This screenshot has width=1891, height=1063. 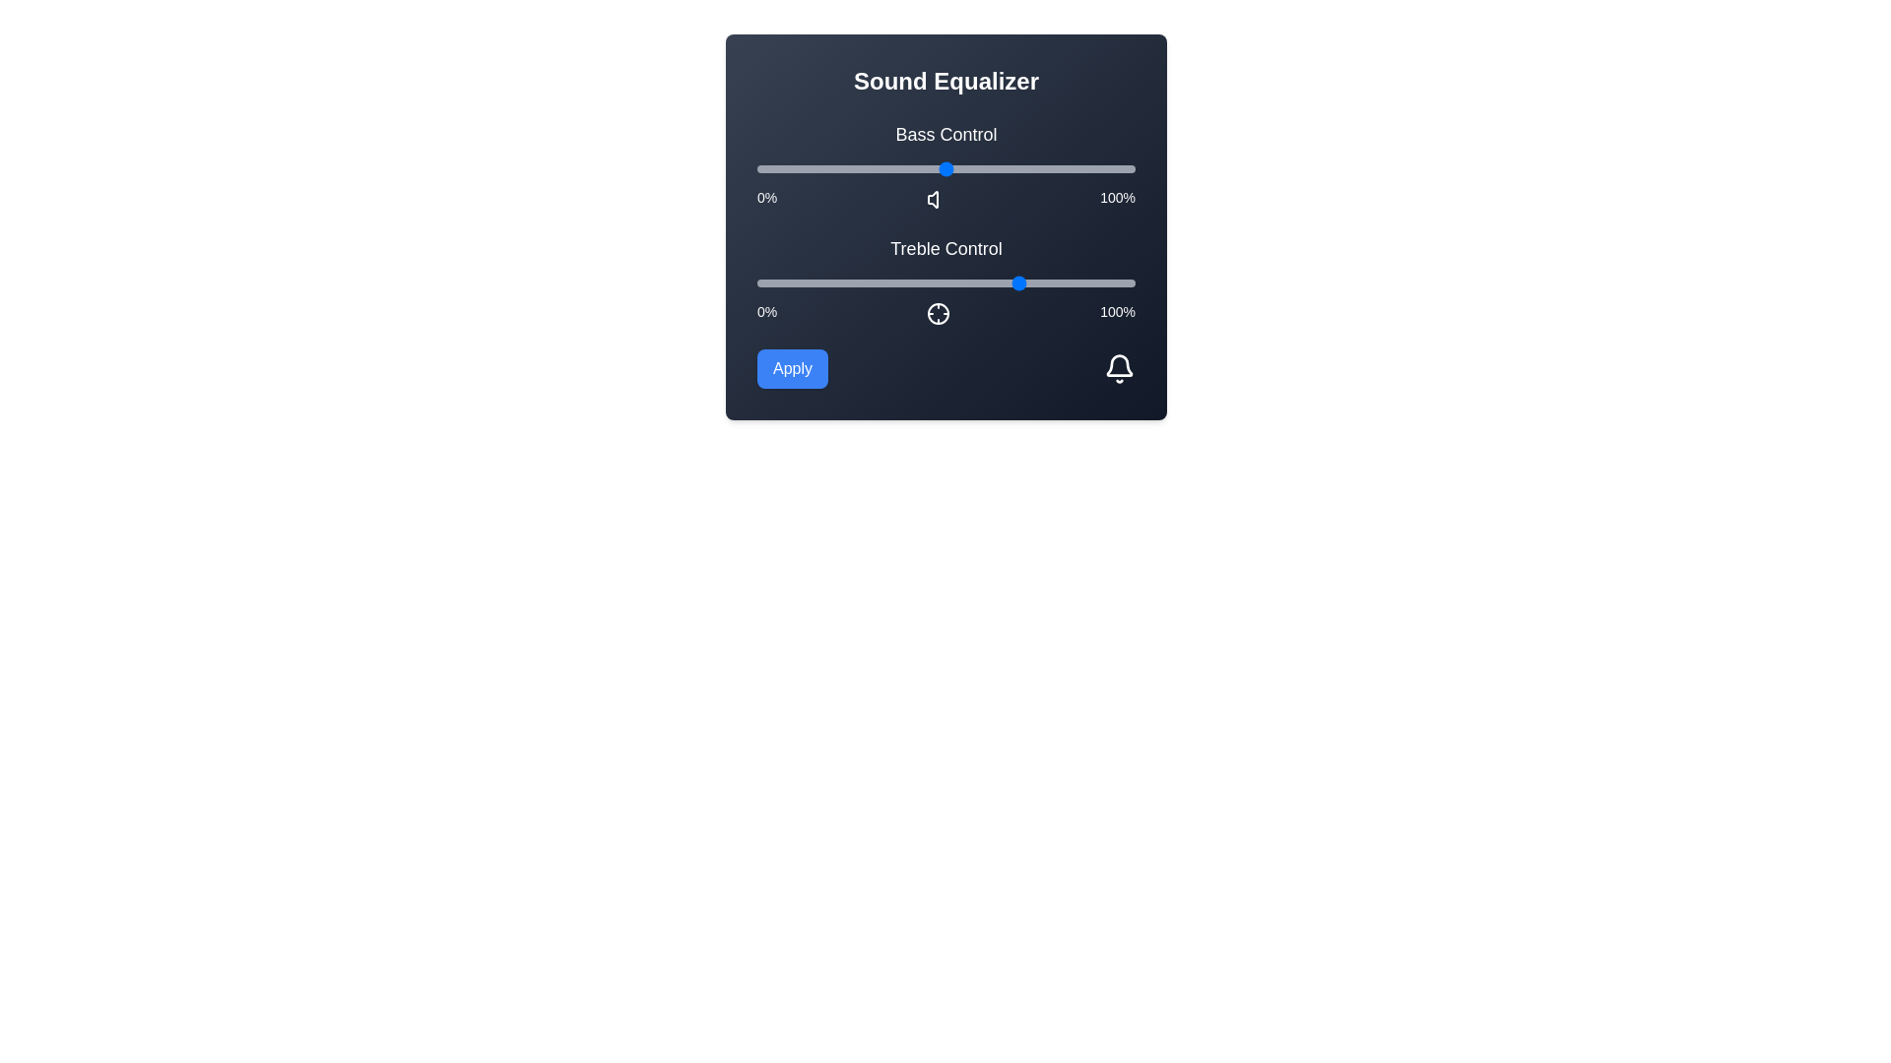 I want to click on the bass control slider to 2%, so click(x=763, y=168).